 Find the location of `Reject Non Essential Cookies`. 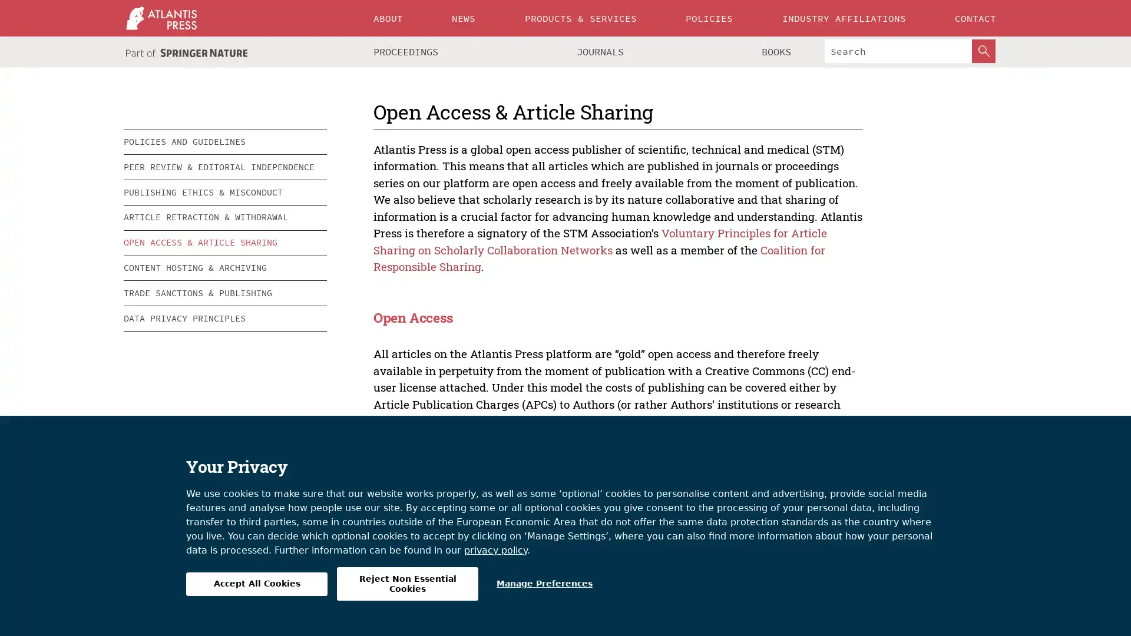

Reject Non Essential Cookies is located at coordinates (407, 584).